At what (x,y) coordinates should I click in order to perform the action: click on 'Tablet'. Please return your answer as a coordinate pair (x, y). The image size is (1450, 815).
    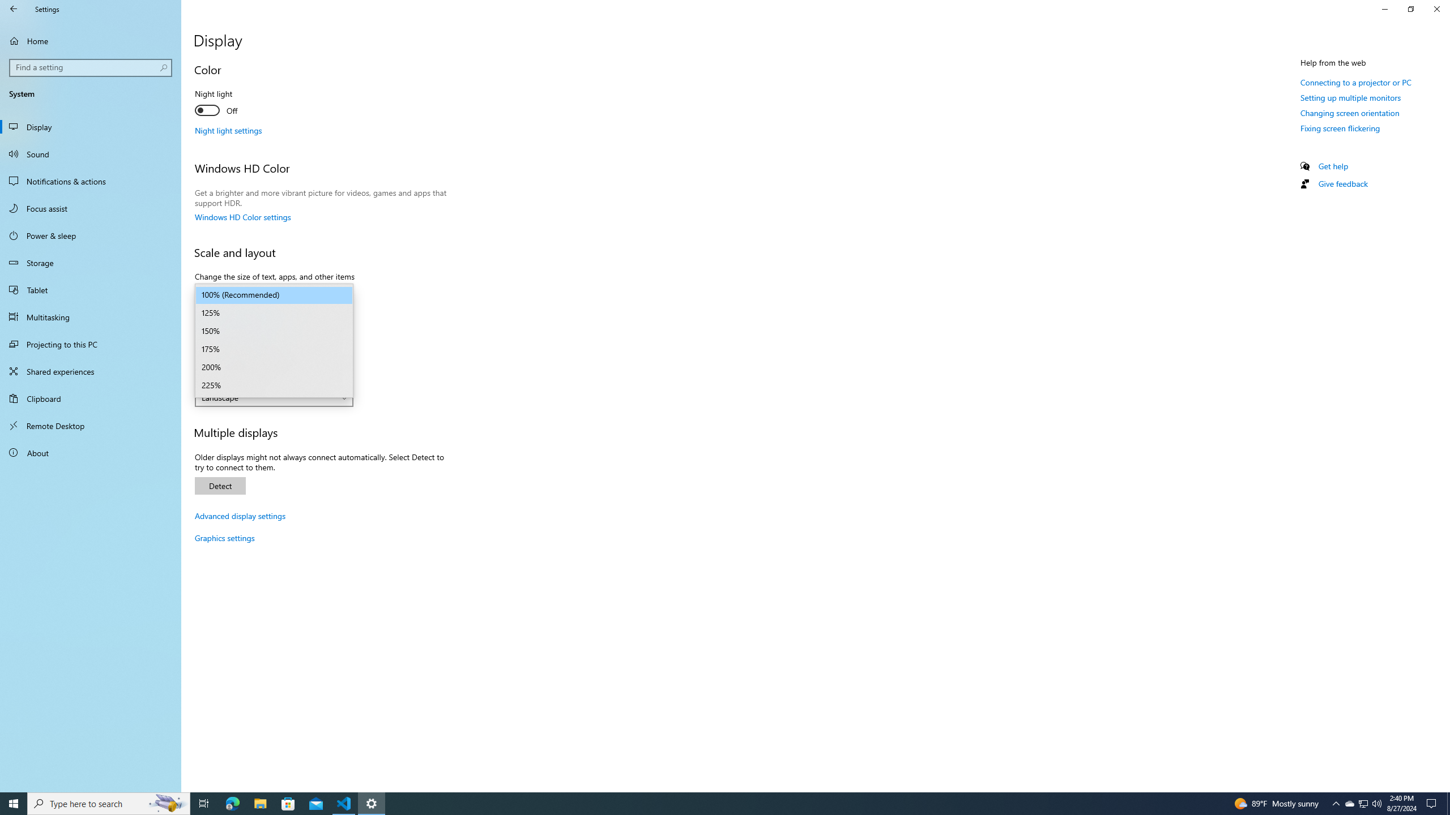
    Looking at the image, I should click on (90, 289).